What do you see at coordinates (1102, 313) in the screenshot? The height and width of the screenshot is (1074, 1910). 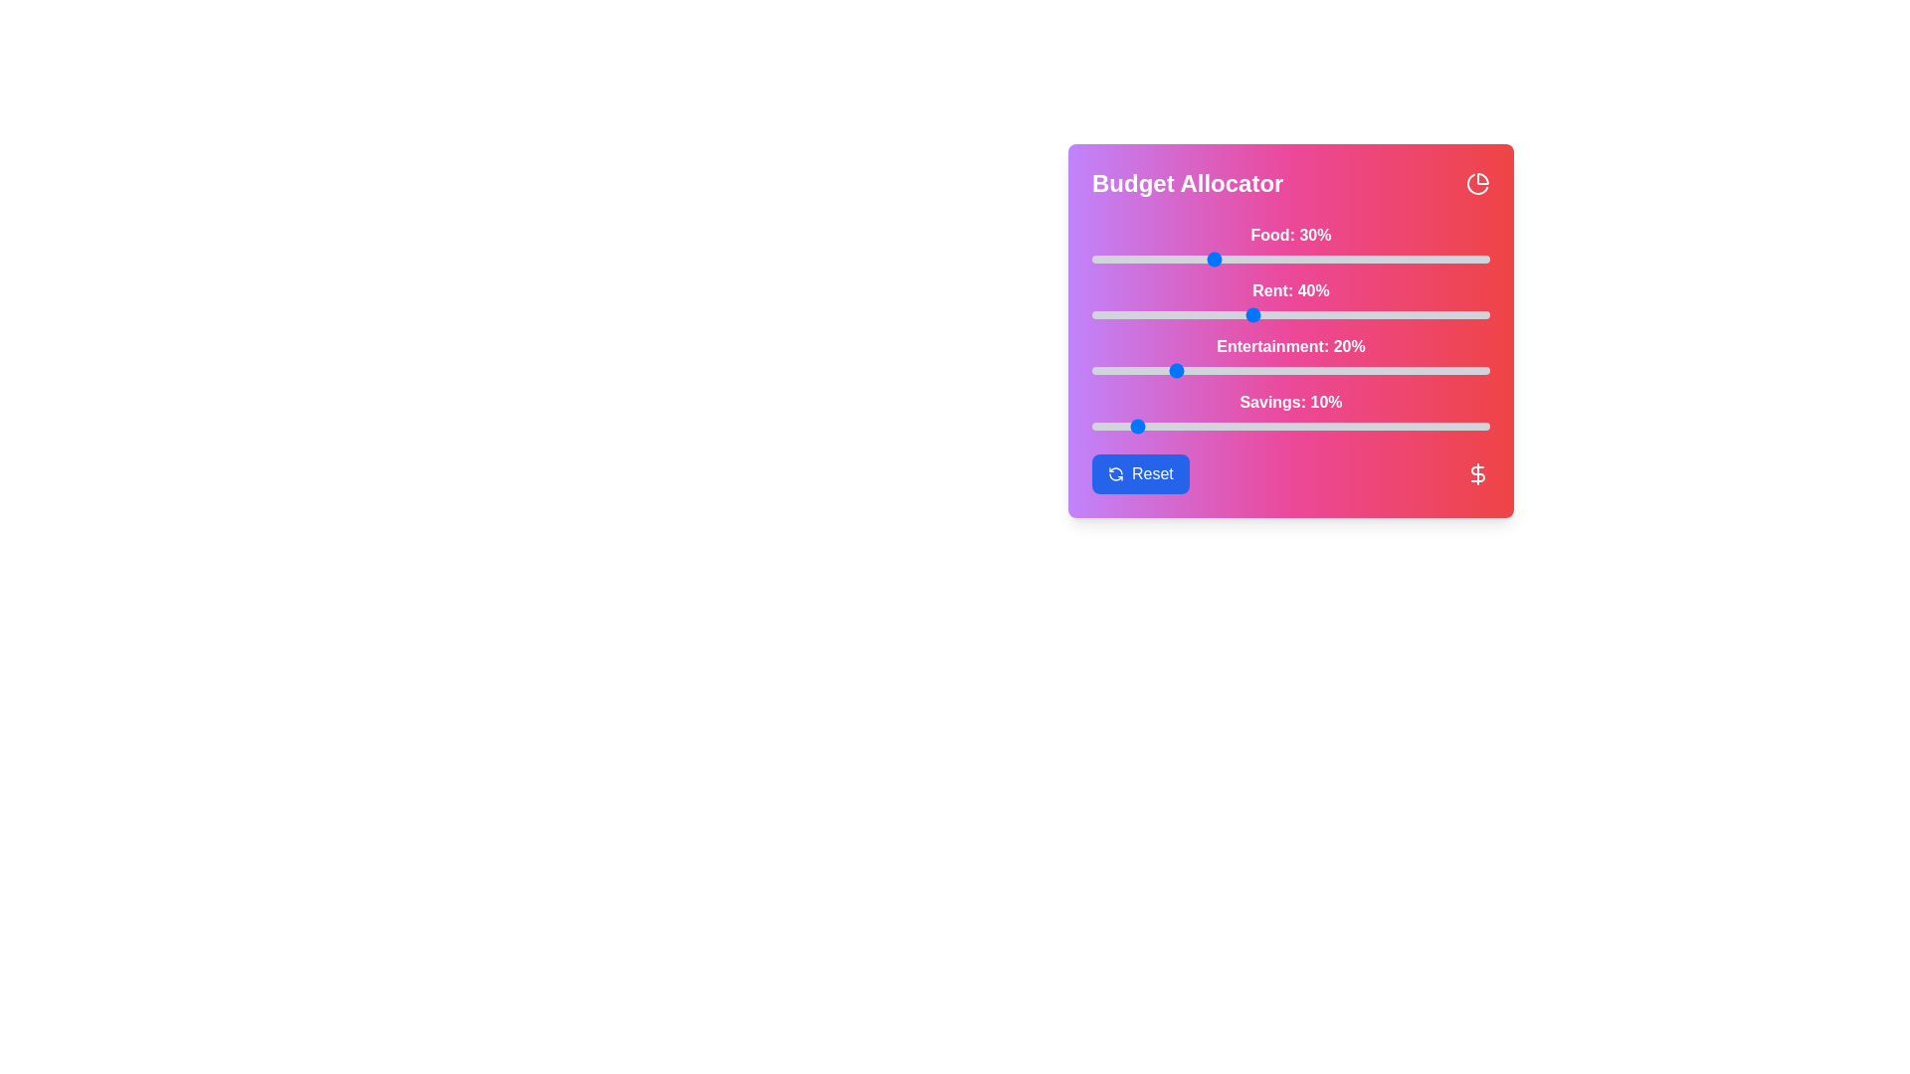 I see `the rent slider` at bounding box center [1102, 313].